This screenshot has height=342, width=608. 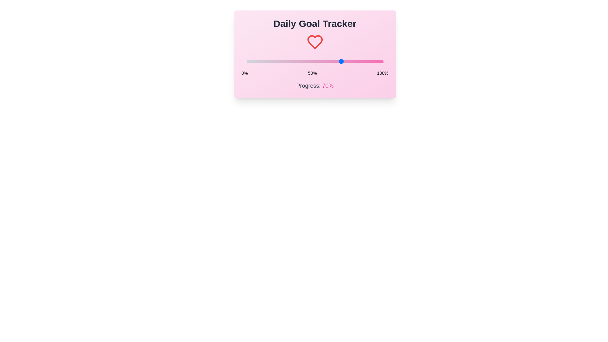 What do you see at coordinates (315, 42) in the screenshot?
I see `the heart icon to observe its visual feedback` at bounding box center [315, 42].